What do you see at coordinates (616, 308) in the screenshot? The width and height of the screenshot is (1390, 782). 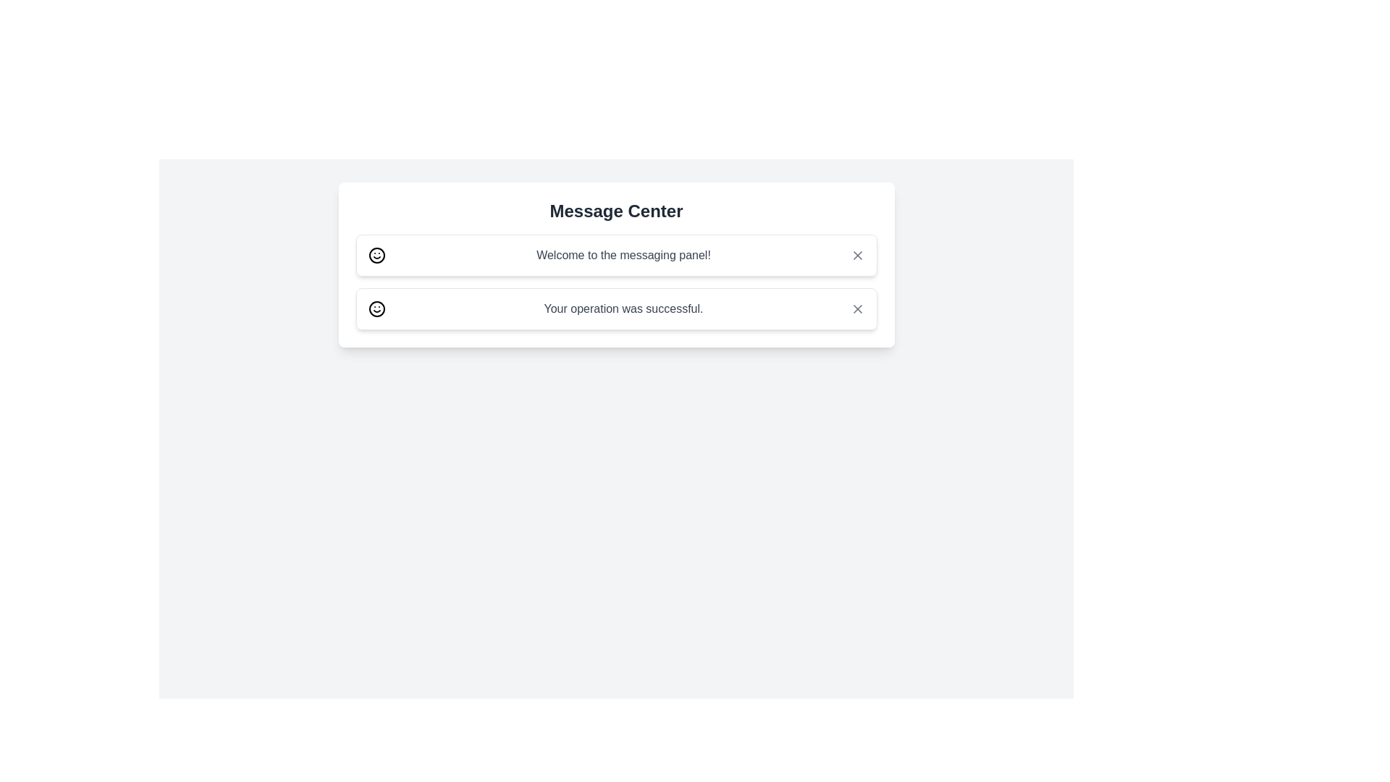 I see `the Notification element that contains the text 'Your operation was successful.'` at bounding box center [616, 308].